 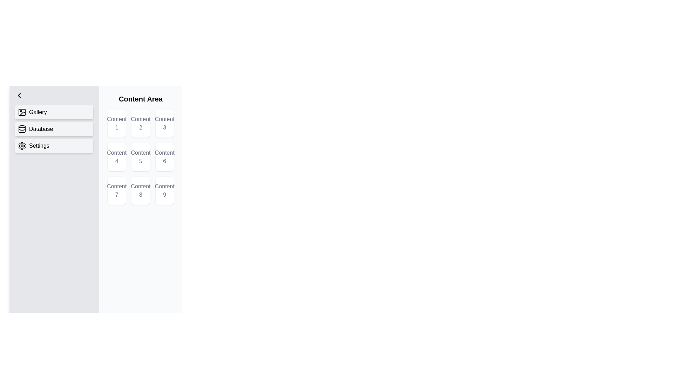 What do you see at coordinates (54, 112) in the screenshot?
I see `the 'Gallery' button located at the top of the left sidebar, above 'Database' and 'Settings'` at bounding box center [54, 112].